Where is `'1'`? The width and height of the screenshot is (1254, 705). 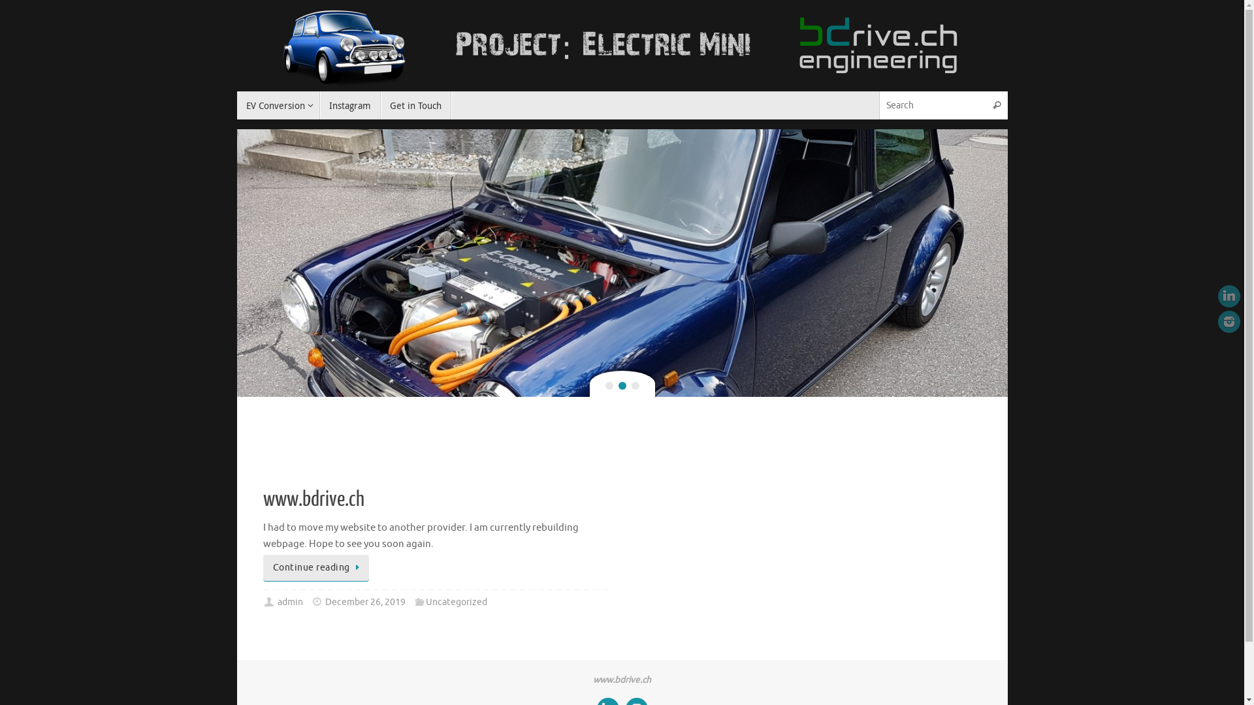 '1' is located at coordinates (604, 384).